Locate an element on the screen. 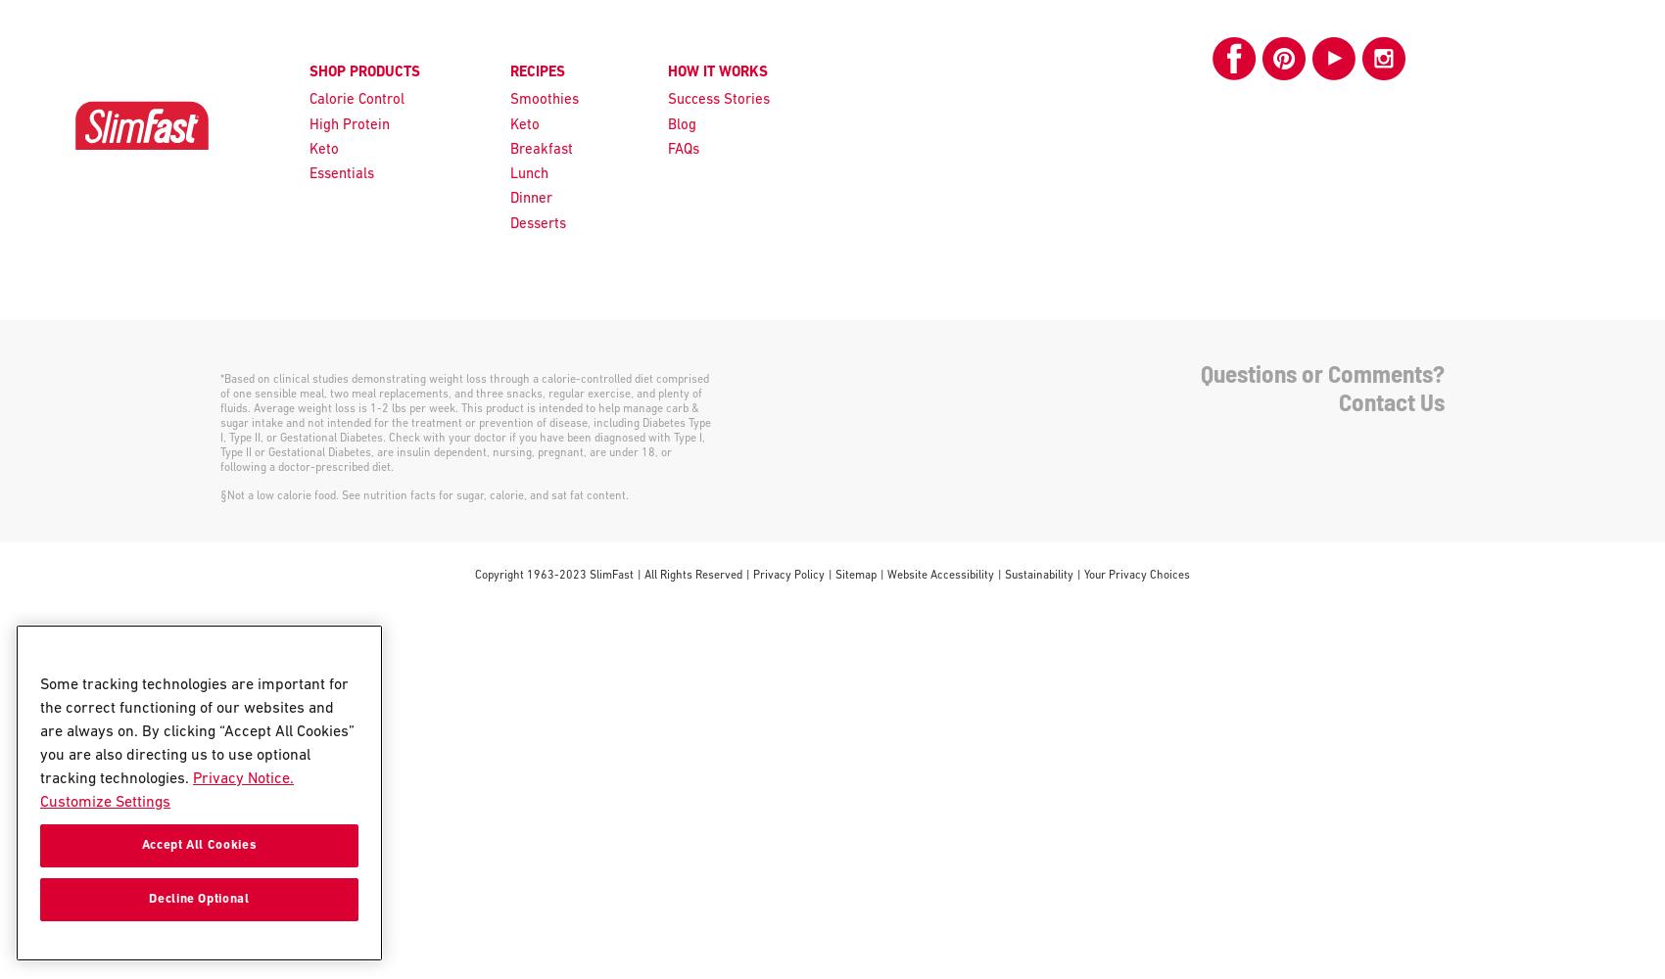 The height and width of the screenshot is (979, 1665). 'Shop Products' is located at coordinates (309, 71).